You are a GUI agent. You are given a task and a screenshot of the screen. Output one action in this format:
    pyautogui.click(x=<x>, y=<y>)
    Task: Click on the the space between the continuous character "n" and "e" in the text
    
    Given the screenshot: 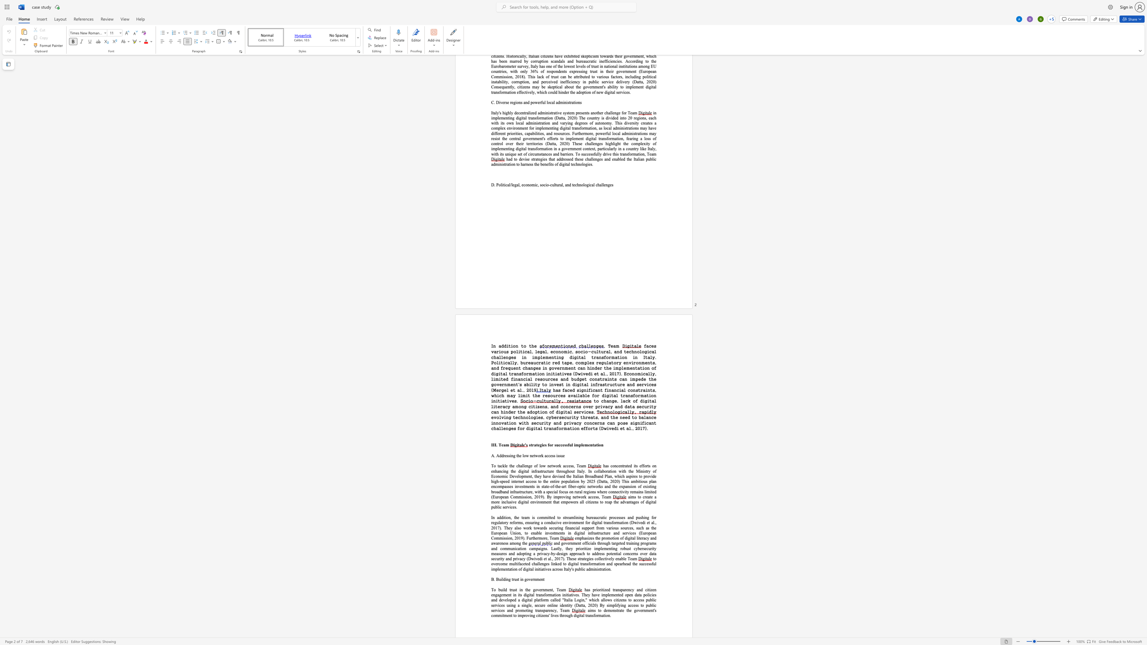 What is the action you would take?
    pyautogui.click(x=549, y=466)
    